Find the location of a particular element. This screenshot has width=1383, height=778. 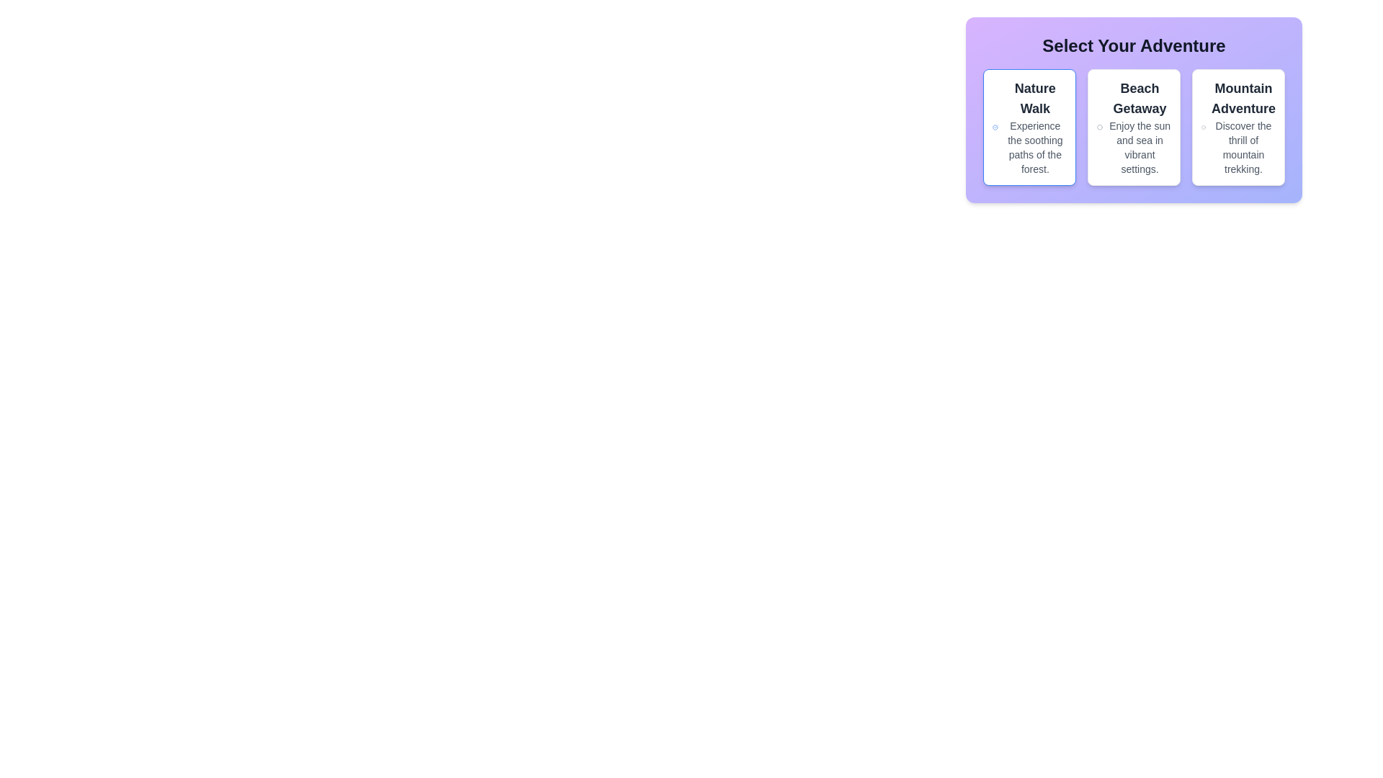

the text element that reads 'Experience the soothing paths of the forest.' located below 'Nature Walk' in the top-left card of the 'Select Your Adventure' section is located at coordinates (1034, 147).